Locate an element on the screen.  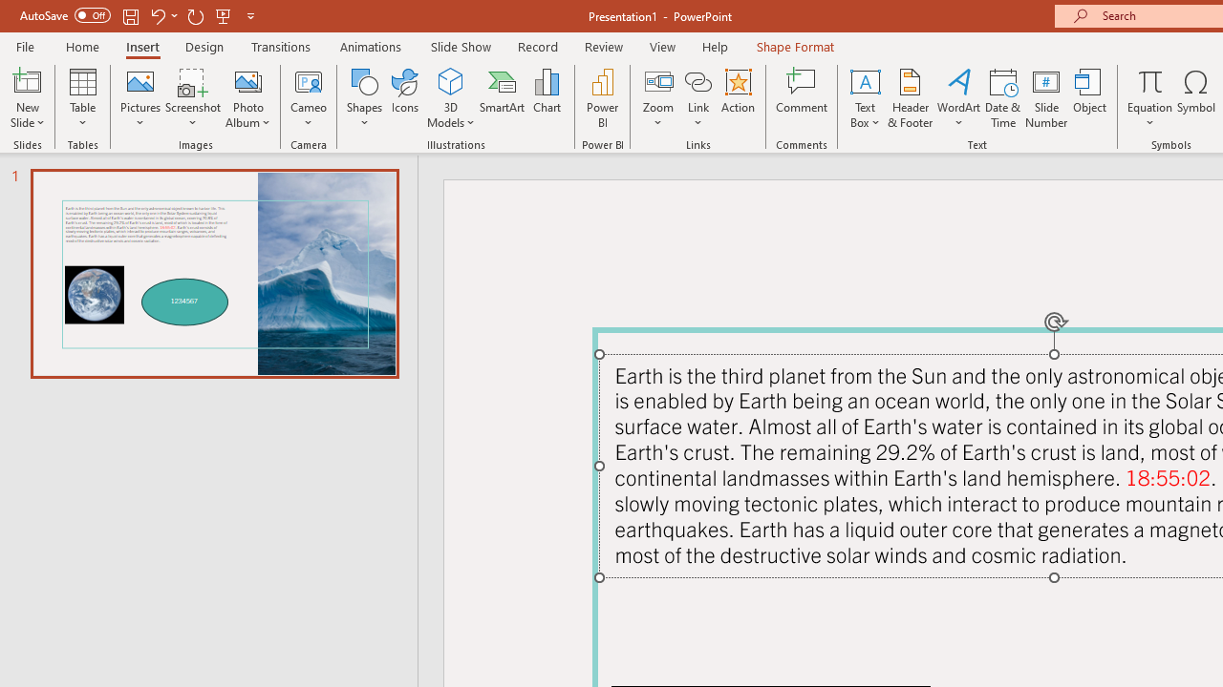
'New Photo Album...' is located at coordinates (247, 80).